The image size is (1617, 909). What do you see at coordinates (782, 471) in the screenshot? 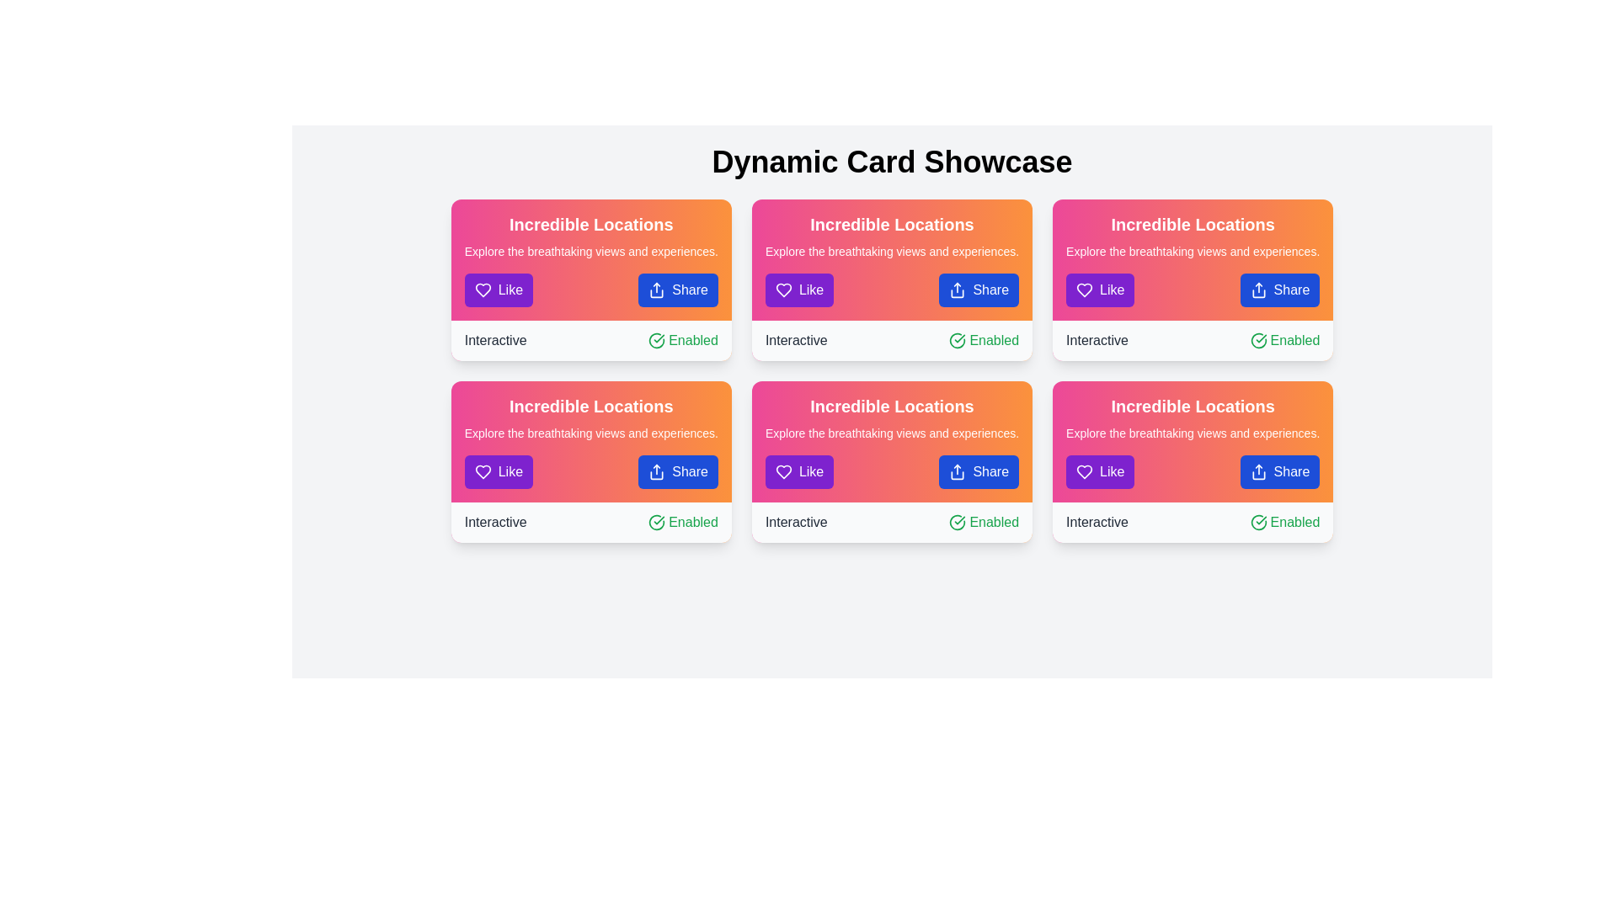
I see `the heart-shaped icon with a hollow center, which is part of the 'Like' button, to Like the content` at bounding box center [782, 471].